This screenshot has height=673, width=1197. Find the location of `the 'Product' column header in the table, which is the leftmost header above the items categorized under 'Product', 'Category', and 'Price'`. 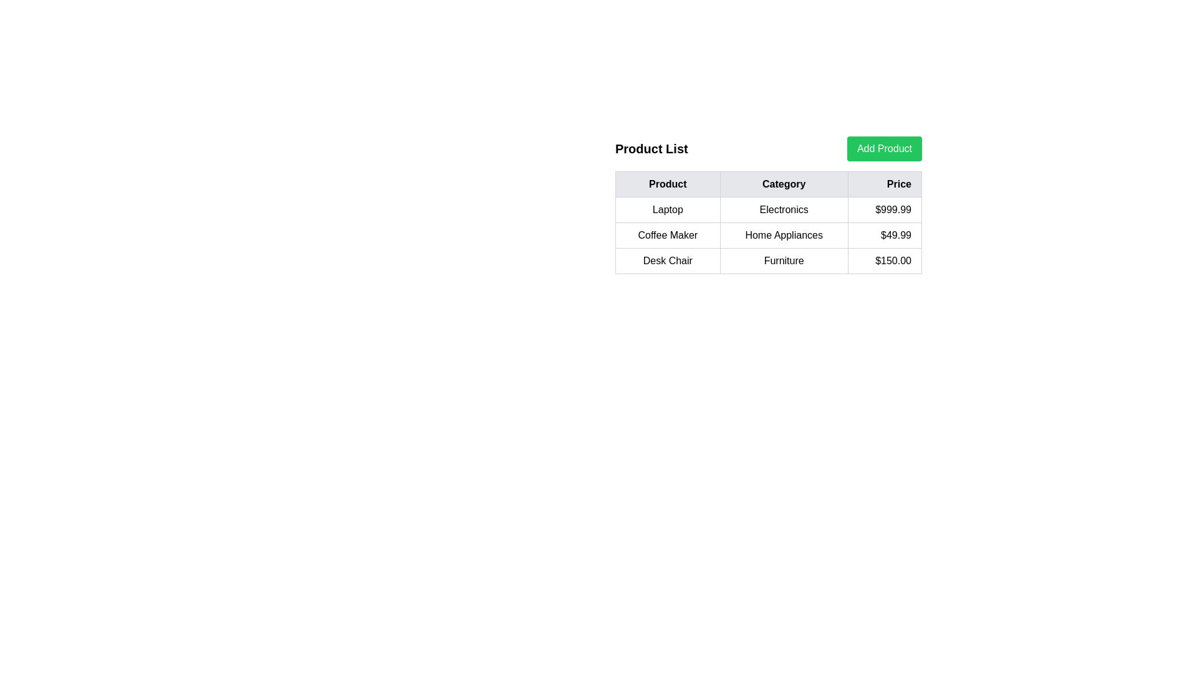

the 'Product' column header in the table, which is the leftmost header above the items categorized under 'Product', 'Category', and 'Price' is located at coordinates (667, 184).